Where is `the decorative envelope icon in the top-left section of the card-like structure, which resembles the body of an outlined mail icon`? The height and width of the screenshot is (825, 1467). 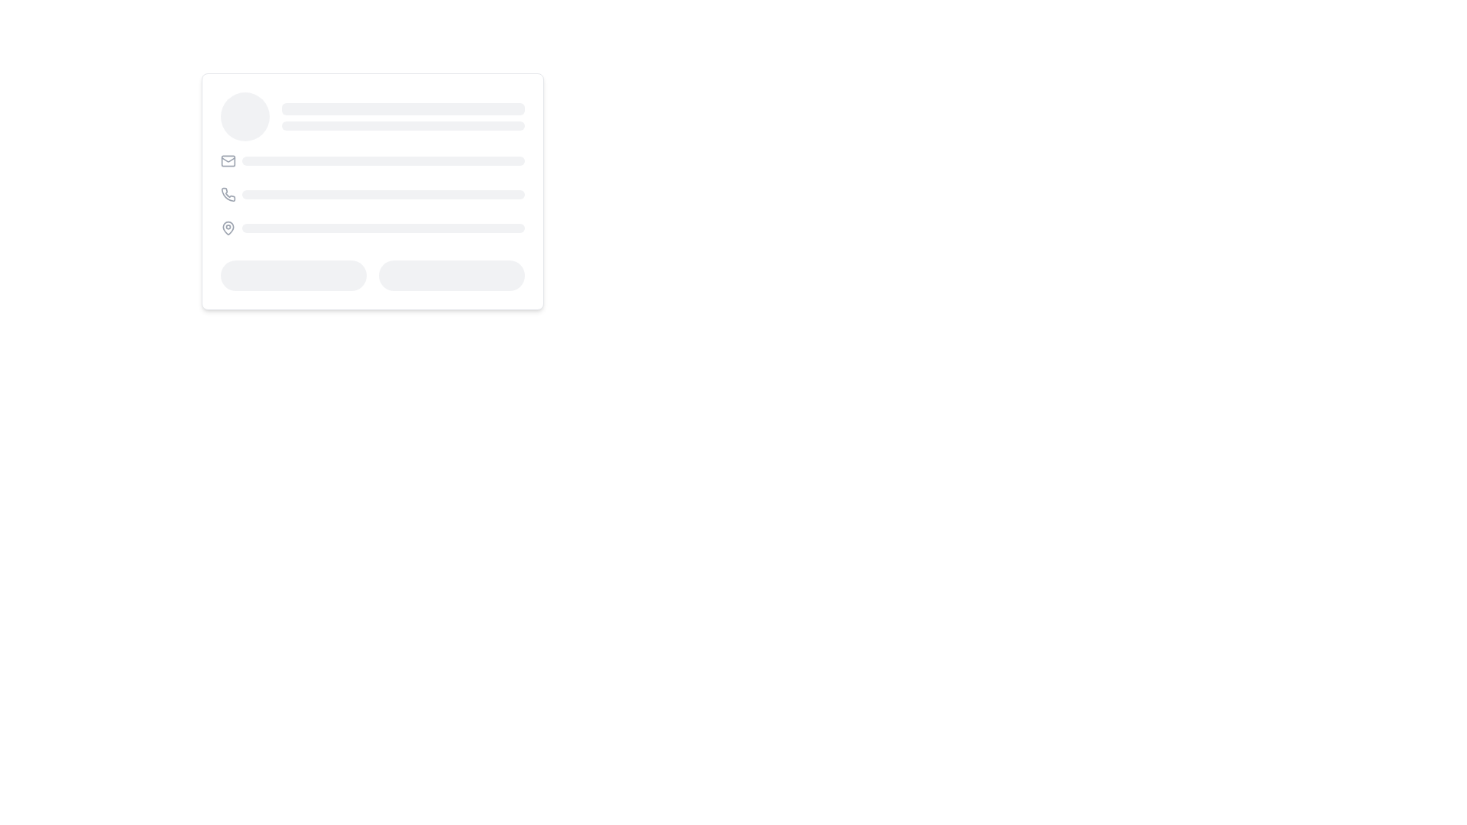
the decorative envelope icon in the top-left section of the card-like structure, which resembles the body of an outlined mail icon is located at coordinates (227, 161).